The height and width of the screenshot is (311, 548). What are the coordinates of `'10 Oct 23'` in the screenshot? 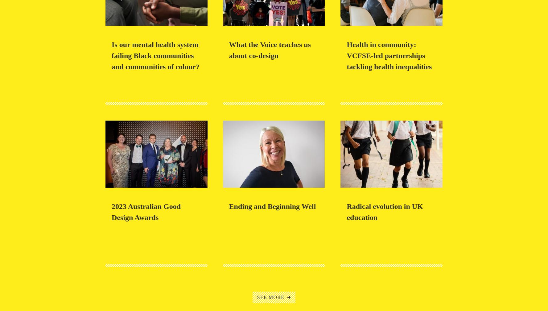 It's located at (111, 198).